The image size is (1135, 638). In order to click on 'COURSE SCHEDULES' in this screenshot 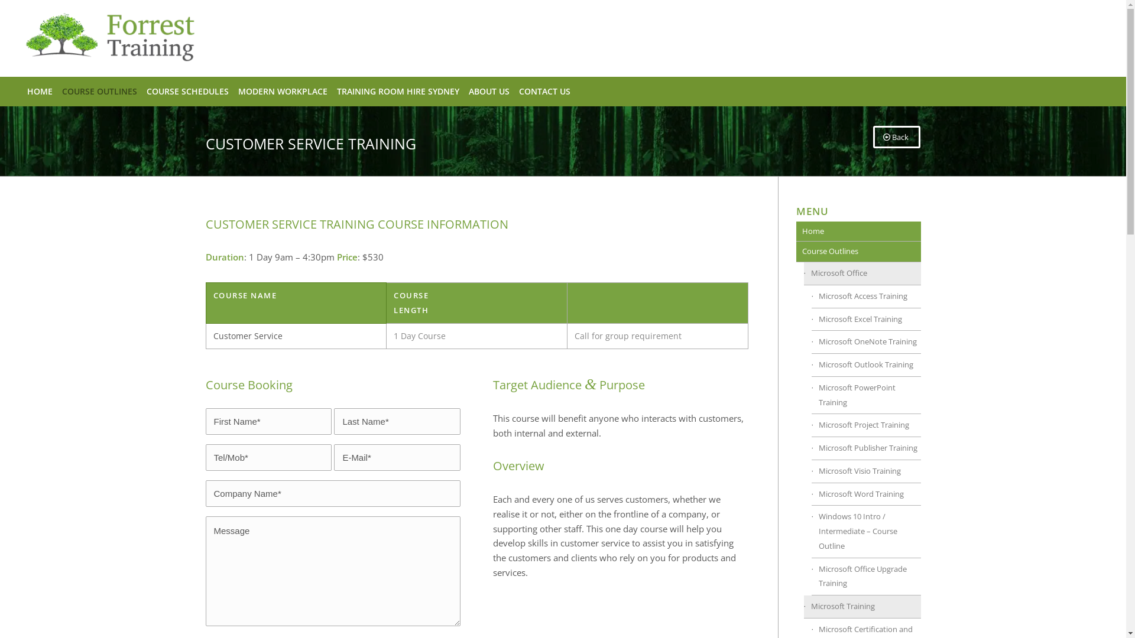, I will do `click(187, 90)`.